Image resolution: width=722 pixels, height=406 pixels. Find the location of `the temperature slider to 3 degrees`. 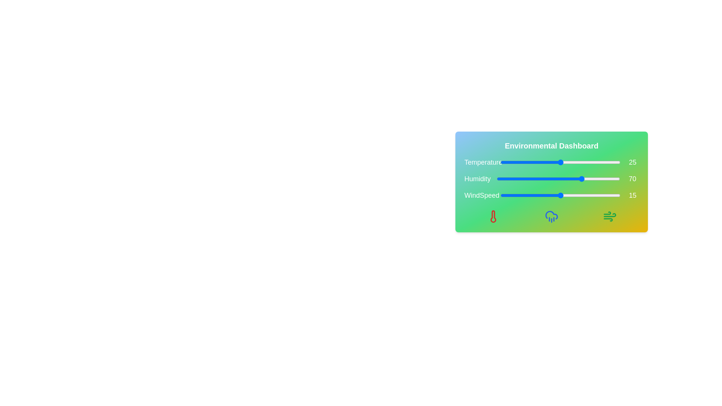

the temperature slider to 3 degrees is located at coordinates (508, 162).